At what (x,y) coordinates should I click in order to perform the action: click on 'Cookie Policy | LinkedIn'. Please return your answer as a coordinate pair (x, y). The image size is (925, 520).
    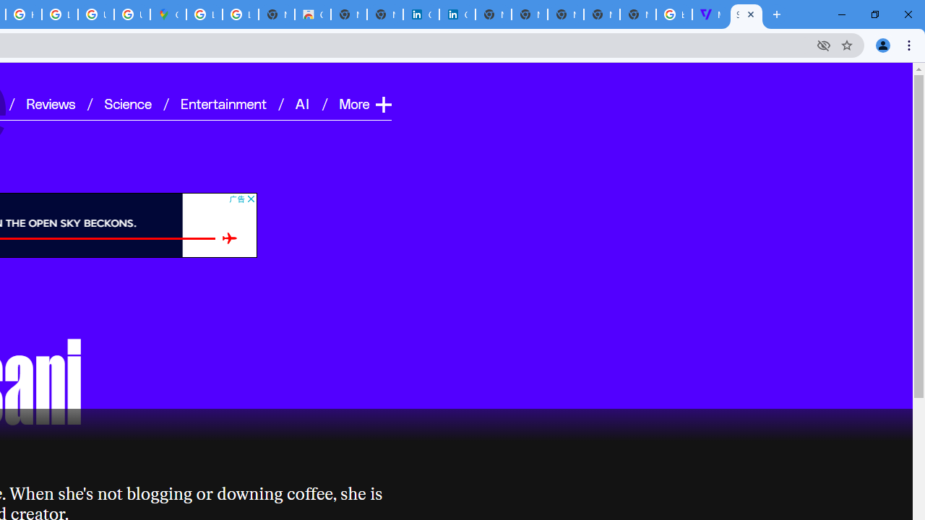
    Looking at the image, I should click on (421, 14).